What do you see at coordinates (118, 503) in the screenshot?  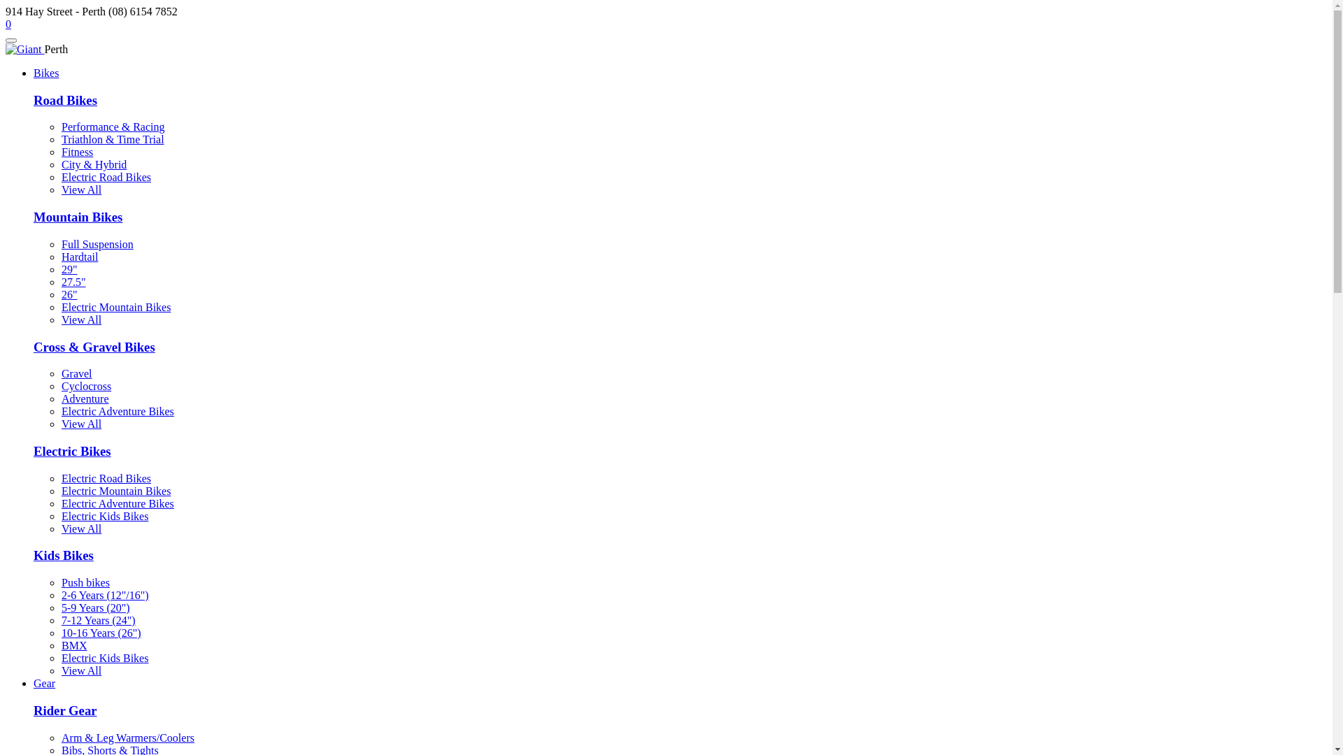 I see `'Electric Adventure Bikes'` at bounding box center [118, 503].